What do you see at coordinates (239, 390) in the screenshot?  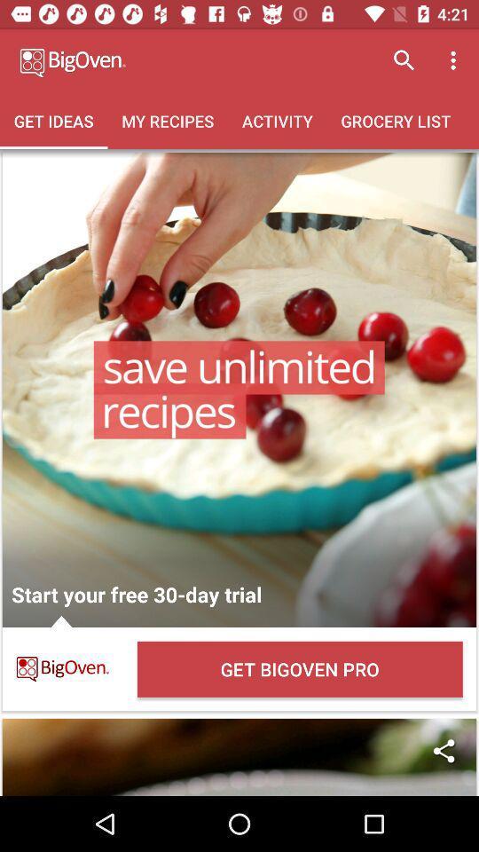 I see `access recipes` at bounding box center [239, 390].